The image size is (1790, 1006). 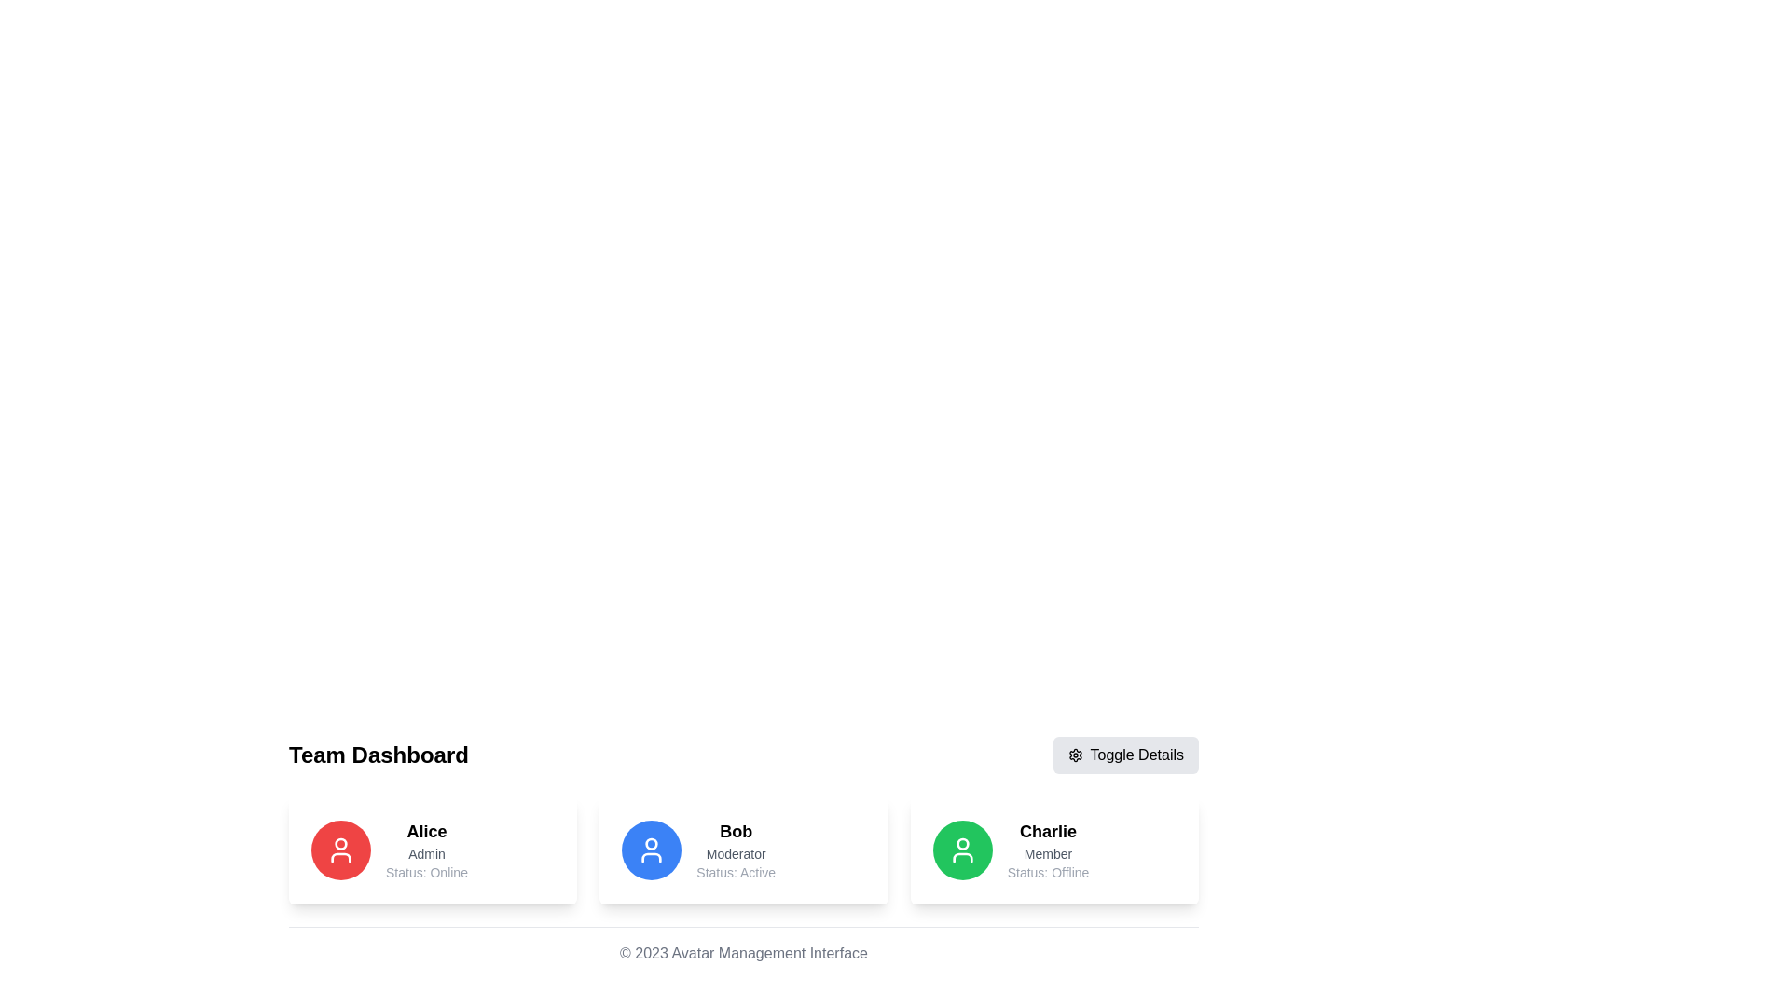 I want to click on the shoulders part of the user profile icon represented by the SVG element, which is a decorative component within the user avatar design, so click(x=652, y=858).